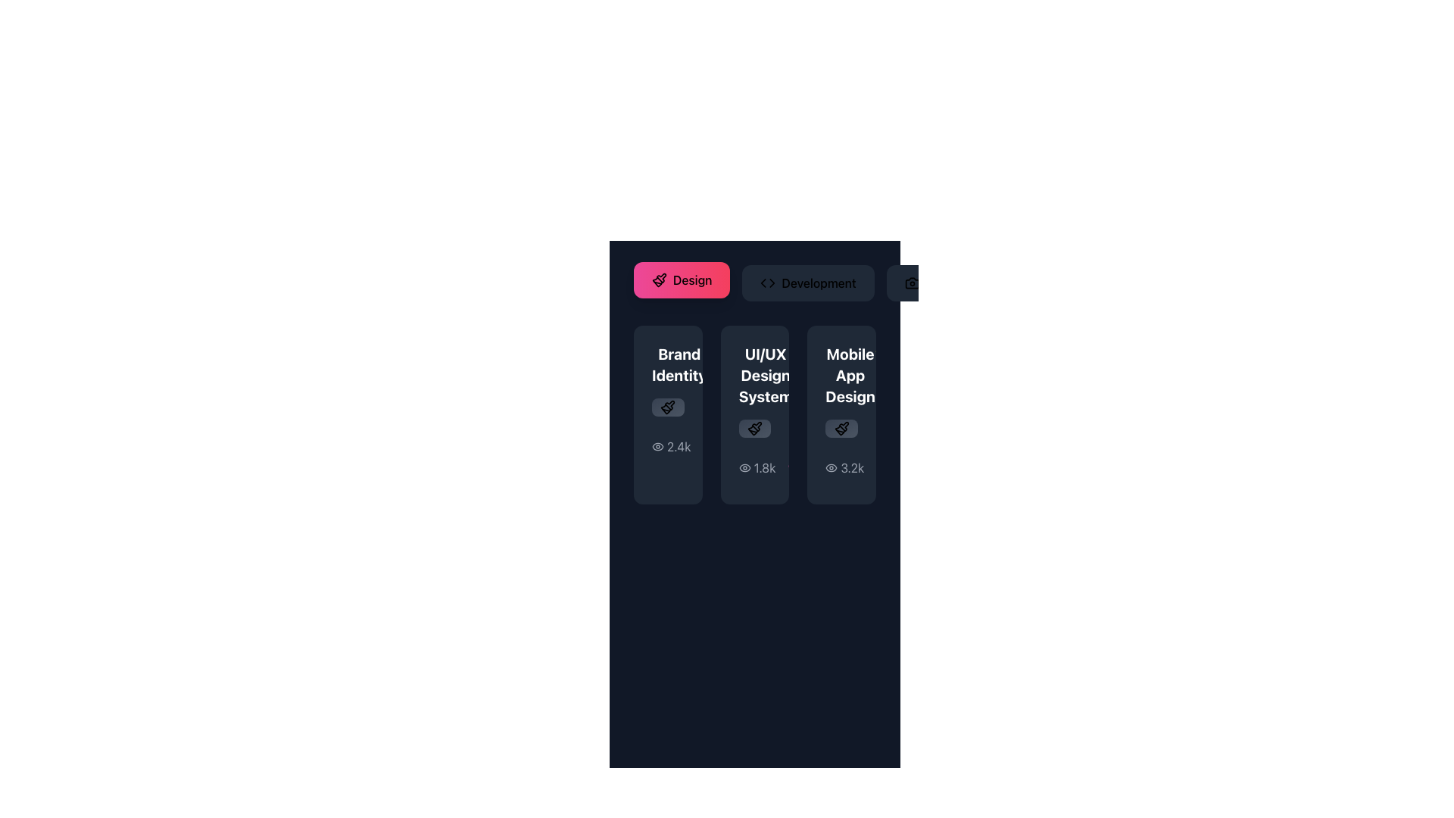 This screenshot has height=818, width=1454. What do you see at coordinates (667, 403) in the screenshot?
I see `the decorative badge displaying a numerical value associated with 'Brand Identity', located in the first column under the main title` at bounding box center [667, 403].